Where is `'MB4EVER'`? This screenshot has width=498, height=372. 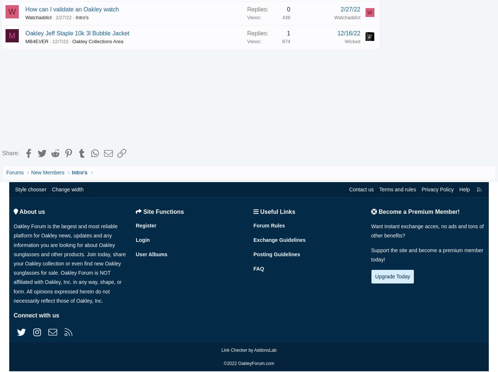 'MB4EVER' is located at coordinates (48, 41).